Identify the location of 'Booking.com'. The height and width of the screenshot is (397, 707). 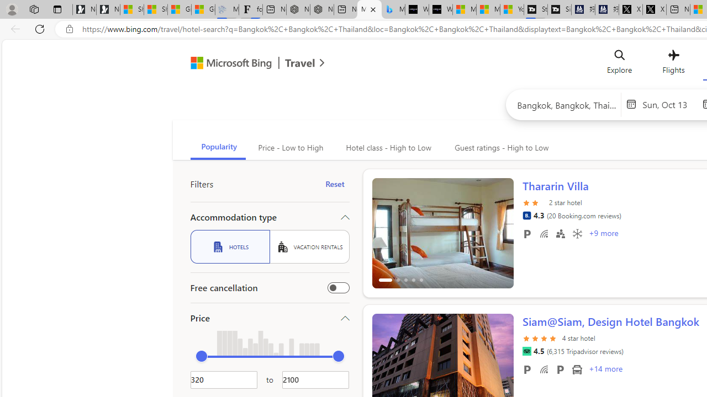
(526, 215).